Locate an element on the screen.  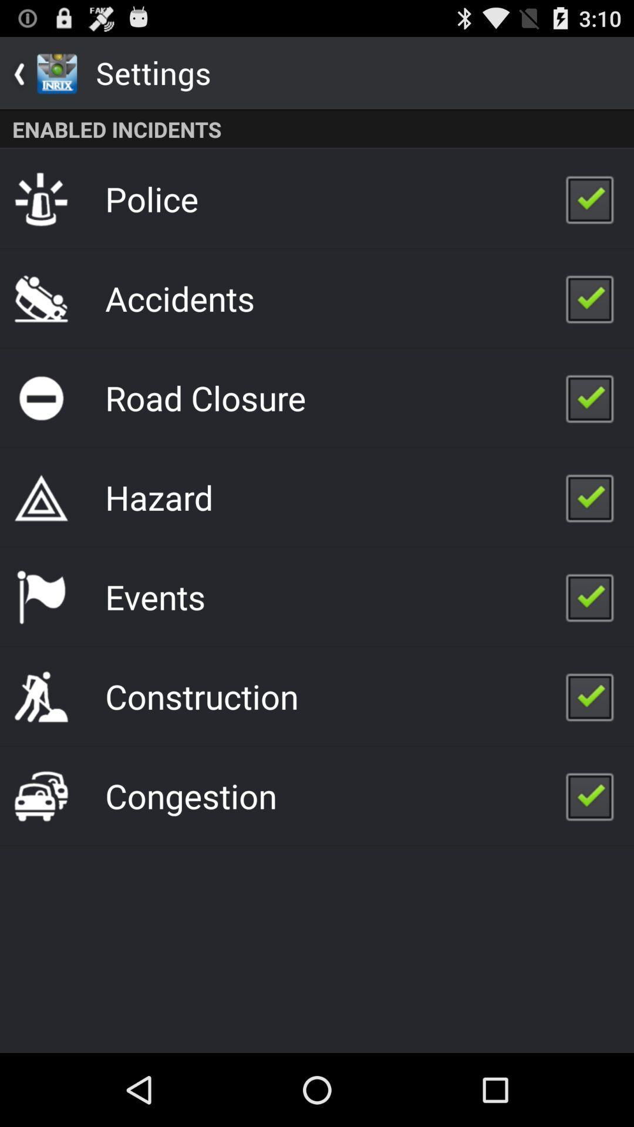
the item above road closure is located at coordinates (180, 298).